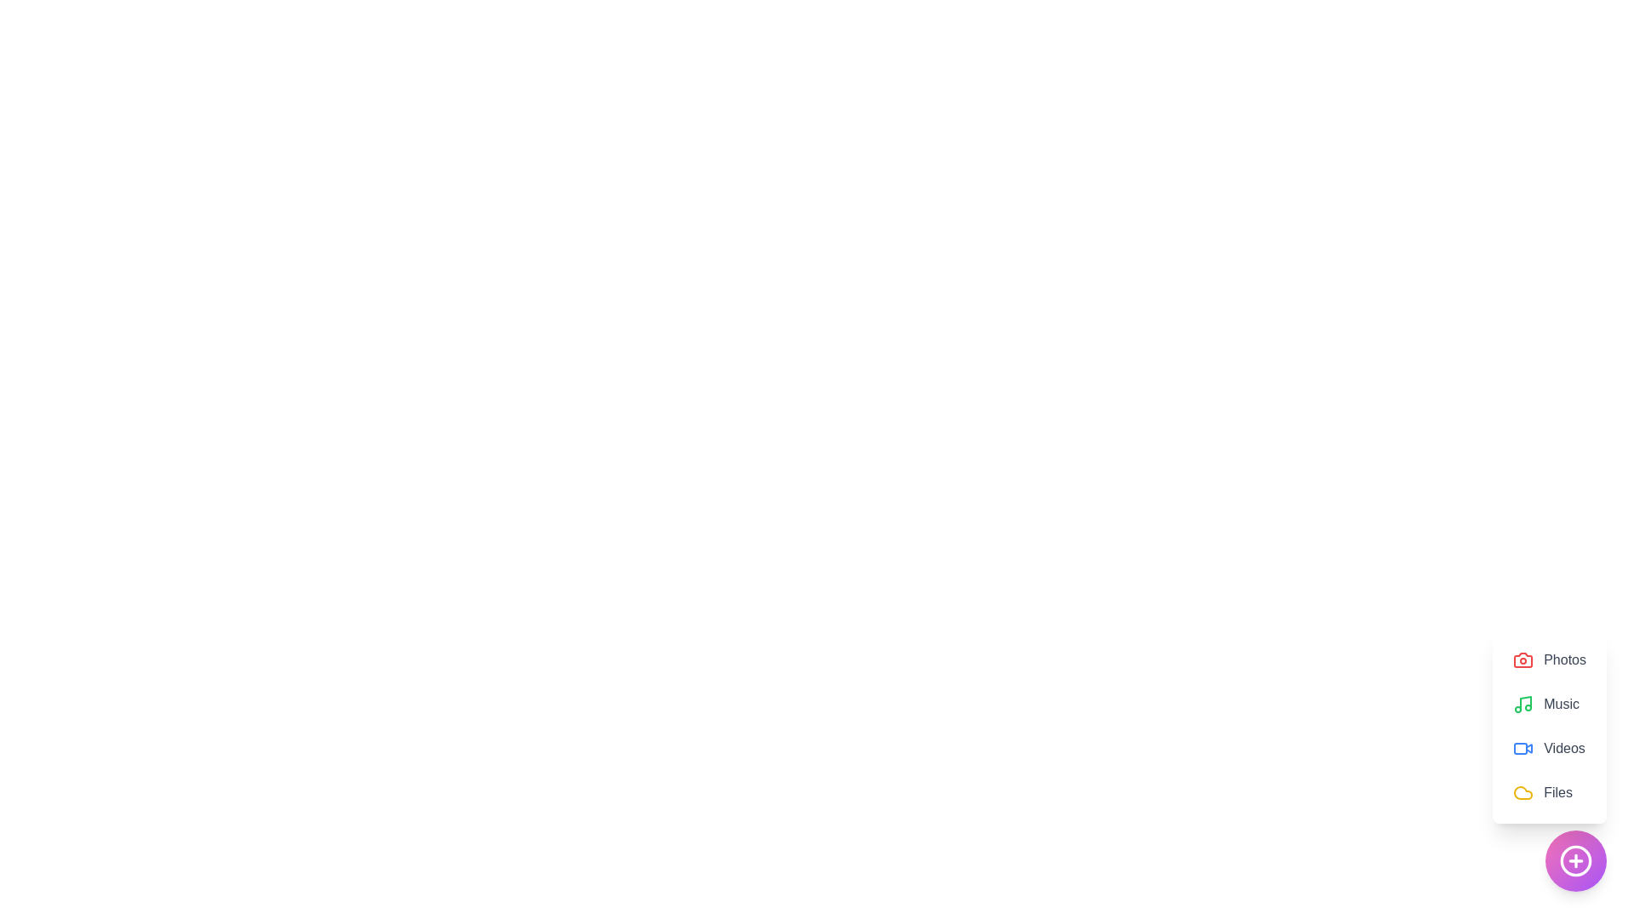 The image size is (1634, 919). What do you see at coordinates (1575, 860) in the screenshot?
I see `the floating action button to toggle the menu` at bounding box center [1575, 860].